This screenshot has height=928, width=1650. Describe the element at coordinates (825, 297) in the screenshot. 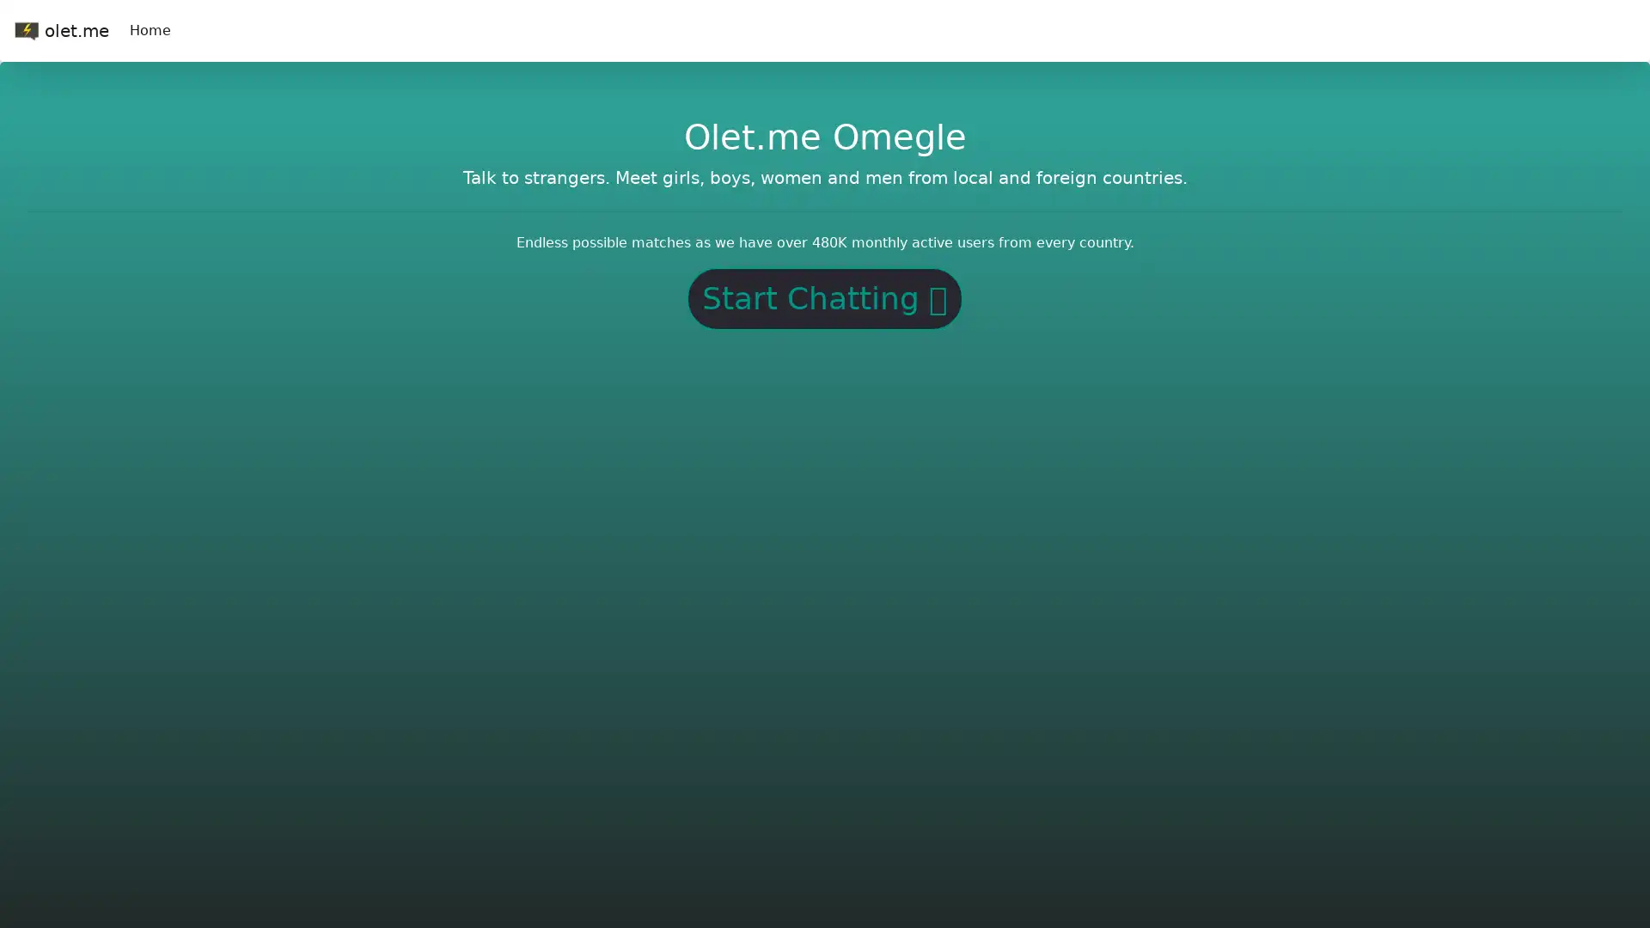

I see `Start Chatting` at that location.